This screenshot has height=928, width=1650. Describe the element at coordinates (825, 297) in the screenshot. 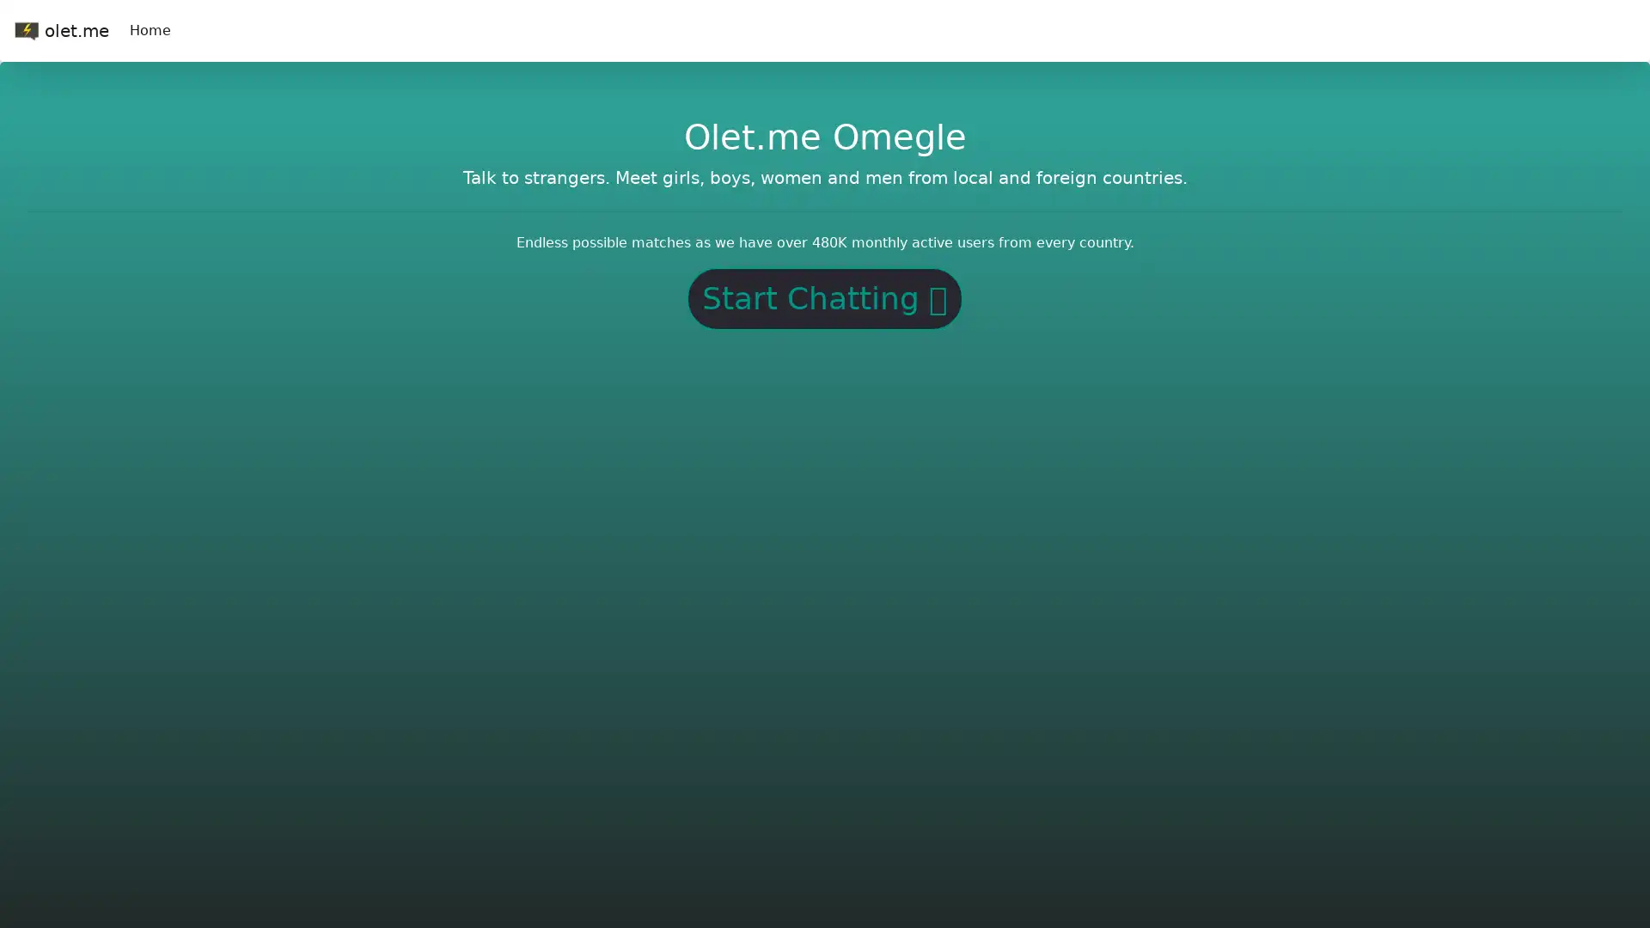

I see `Start Chatting` at that location.